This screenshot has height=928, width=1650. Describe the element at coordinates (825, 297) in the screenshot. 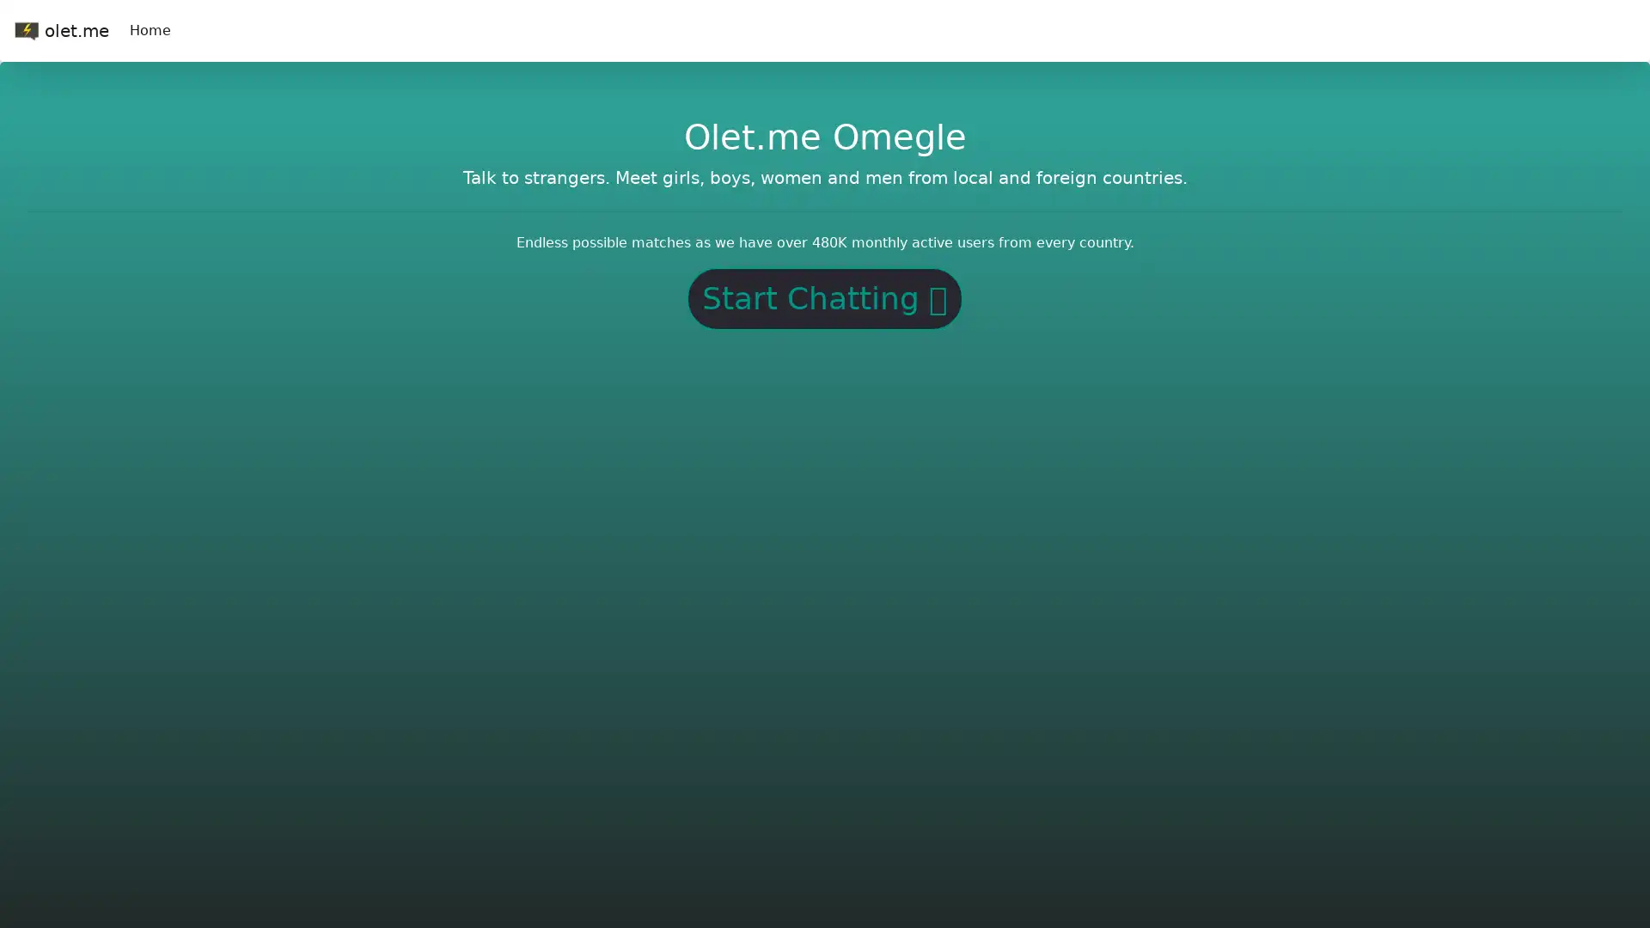

I see `Start Chatting` at that location.